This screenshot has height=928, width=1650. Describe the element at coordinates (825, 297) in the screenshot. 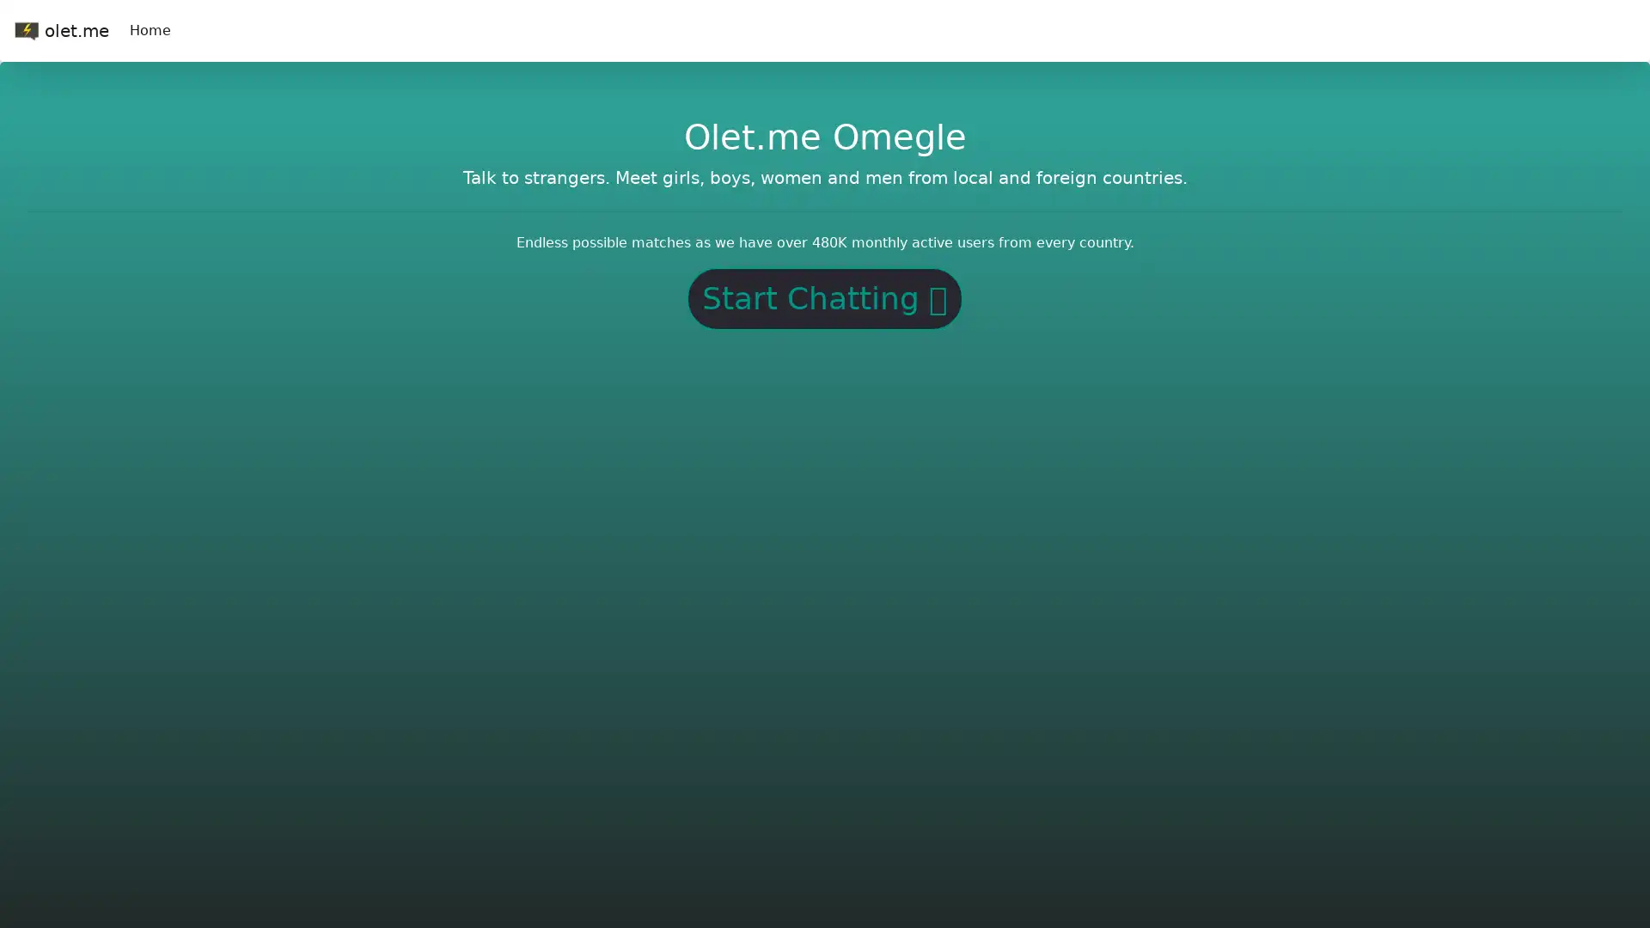

I see `Start Chatting` at that location.